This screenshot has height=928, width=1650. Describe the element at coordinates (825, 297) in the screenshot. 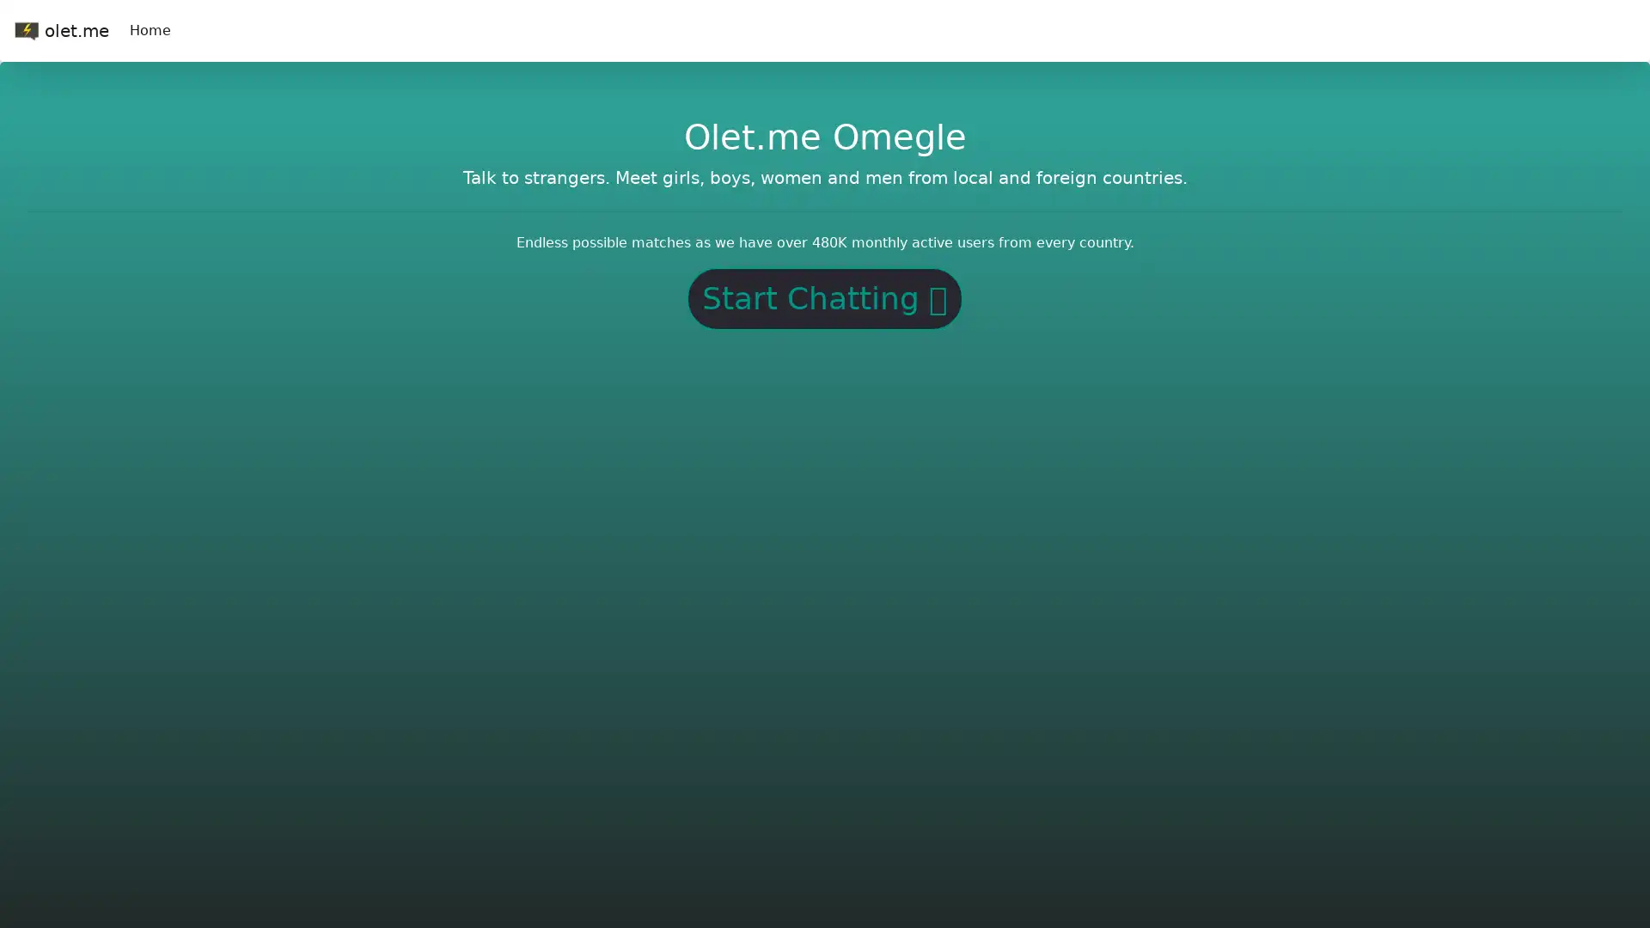

I see `Start Chatting` at that location.